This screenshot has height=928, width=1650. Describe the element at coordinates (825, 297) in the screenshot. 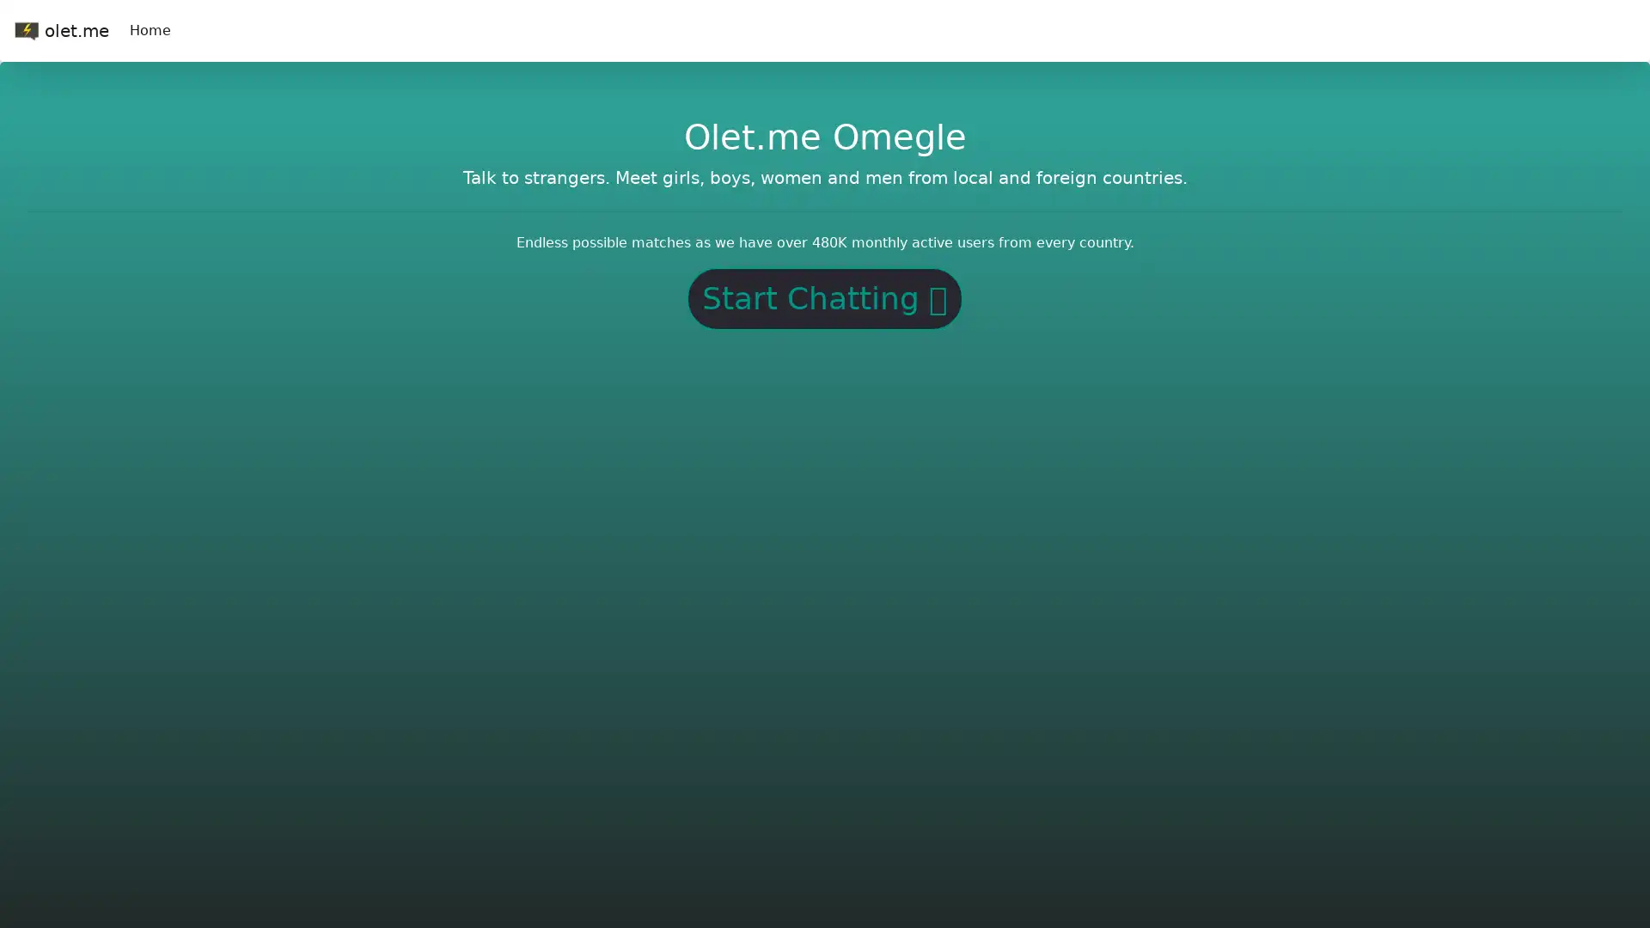

I see `Start Chatting` at that location.